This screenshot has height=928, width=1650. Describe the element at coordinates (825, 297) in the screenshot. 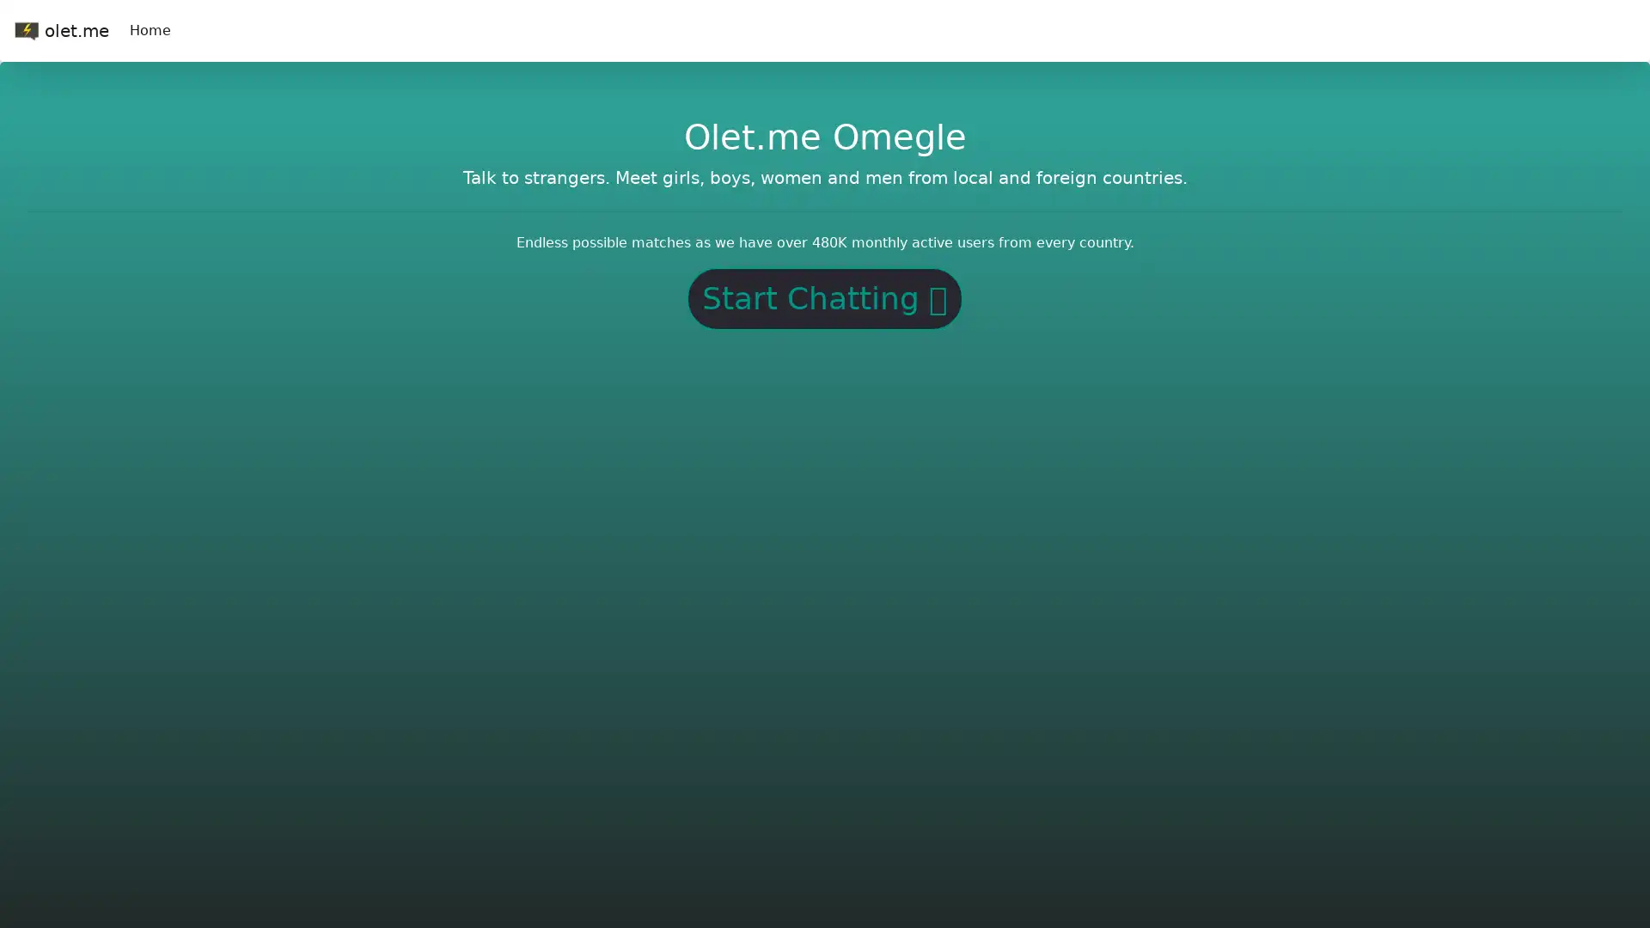

I see `Start Chatting` at that location.